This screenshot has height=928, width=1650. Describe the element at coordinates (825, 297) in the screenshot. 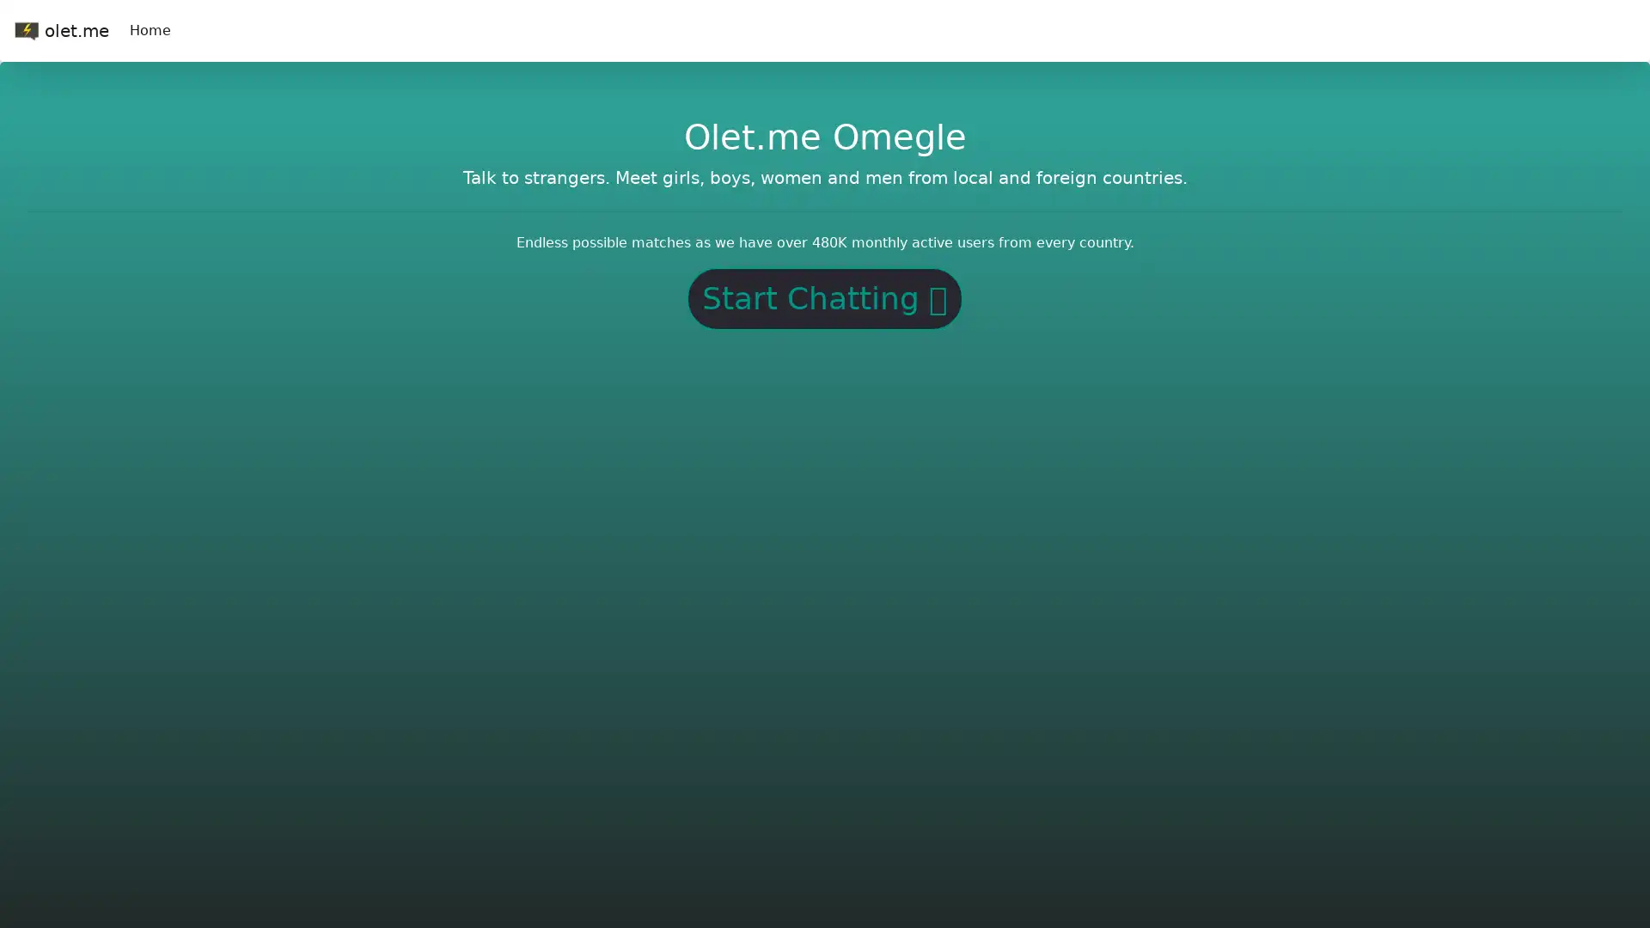

I see `Start Chatting` at that location.